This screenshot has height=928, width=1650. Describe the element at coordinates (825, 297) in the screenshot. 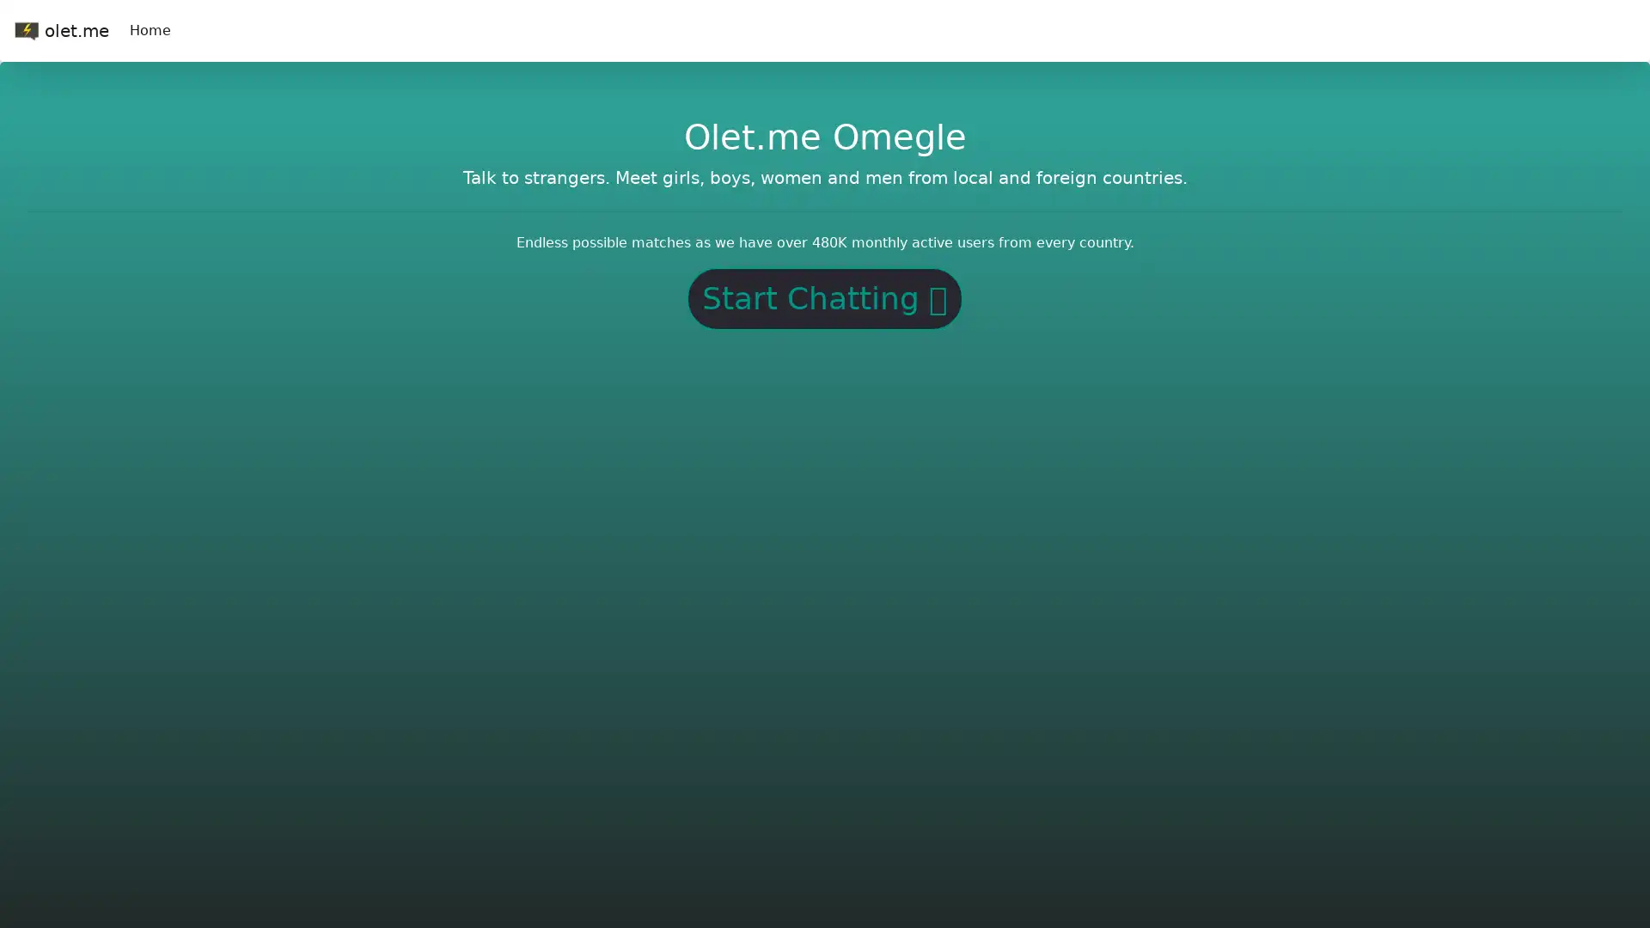

I see `Start Chatting` at that location.